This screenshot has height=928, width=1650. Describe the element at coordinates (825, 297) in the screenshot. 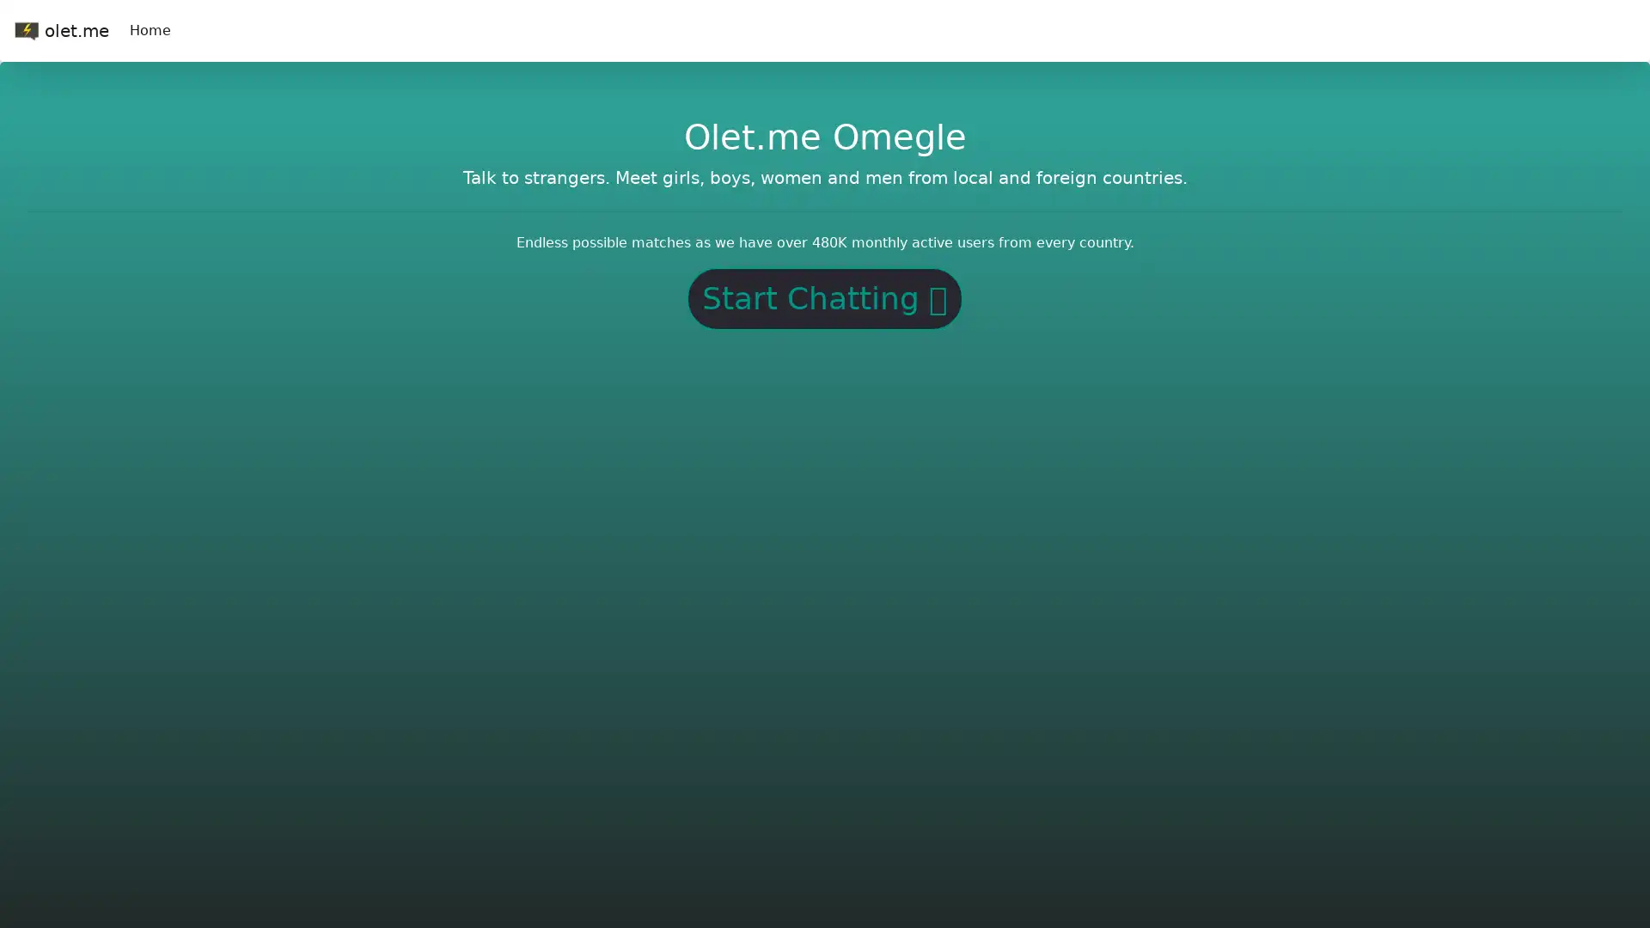

I see `Start Chatting` at that location.